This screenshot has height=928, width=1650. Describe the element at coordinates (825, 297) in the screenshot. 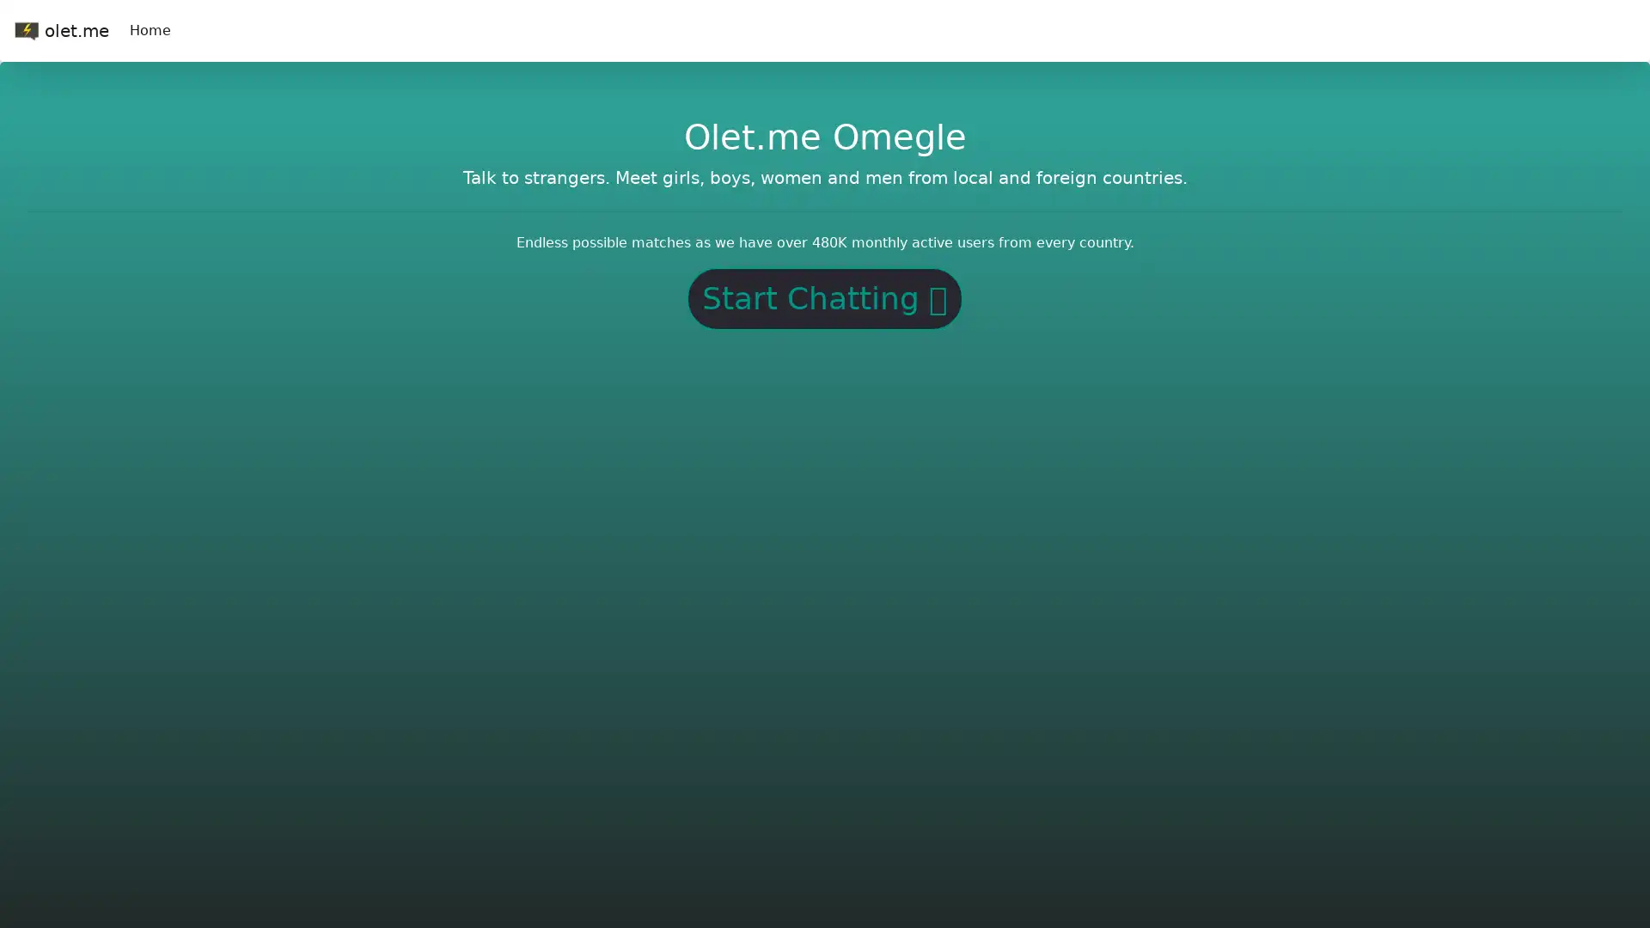

I see `Start Chatting` at that location.